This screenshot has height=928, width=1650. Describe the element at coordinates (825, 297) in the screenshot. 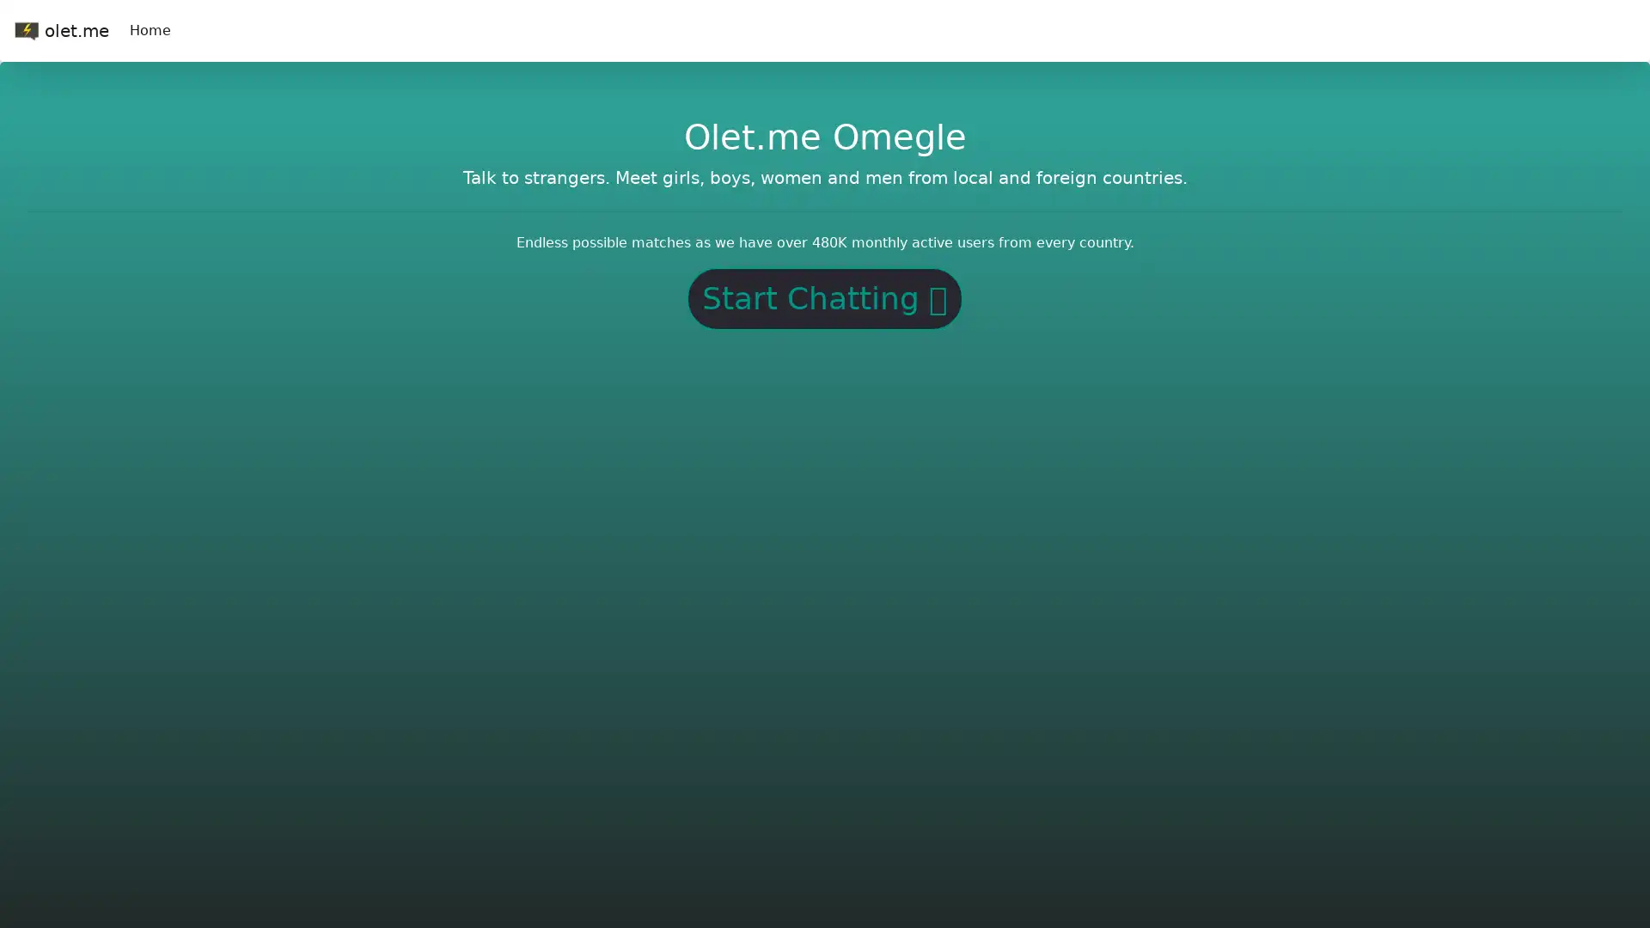

I see `Start Chatting` at that location.